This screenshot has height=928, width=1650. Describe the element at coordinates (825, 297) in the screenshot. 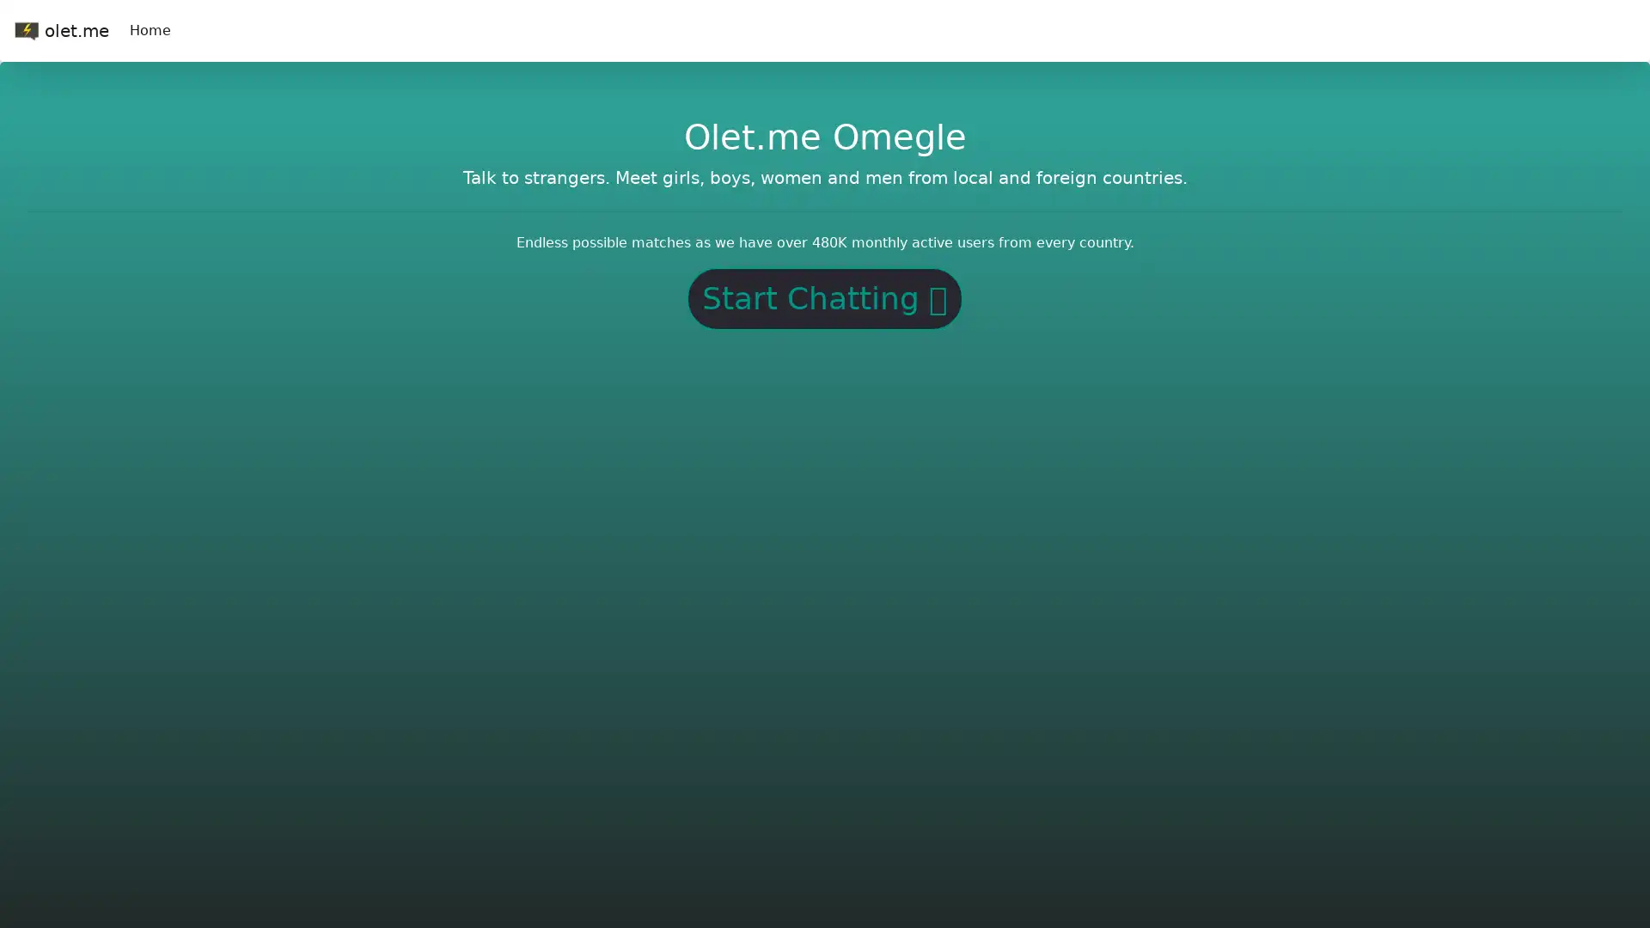

I see `Start Chatting` at that location.